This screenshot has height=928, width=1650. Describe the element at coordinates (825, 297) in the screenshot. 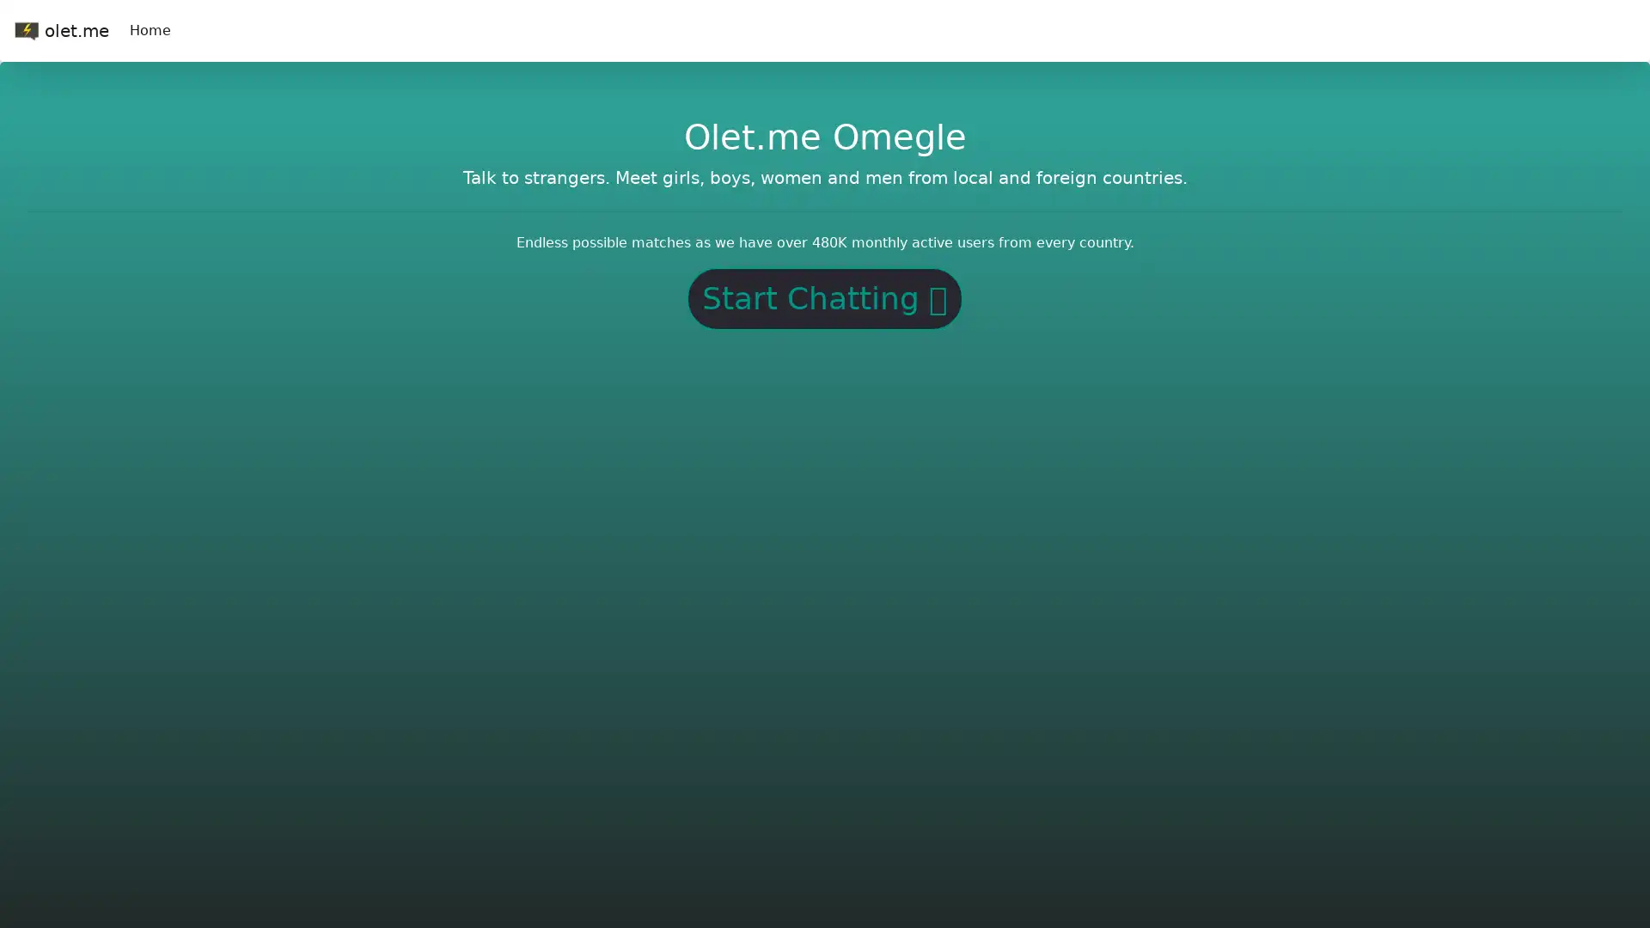

I see `Start Chatting` at that location.